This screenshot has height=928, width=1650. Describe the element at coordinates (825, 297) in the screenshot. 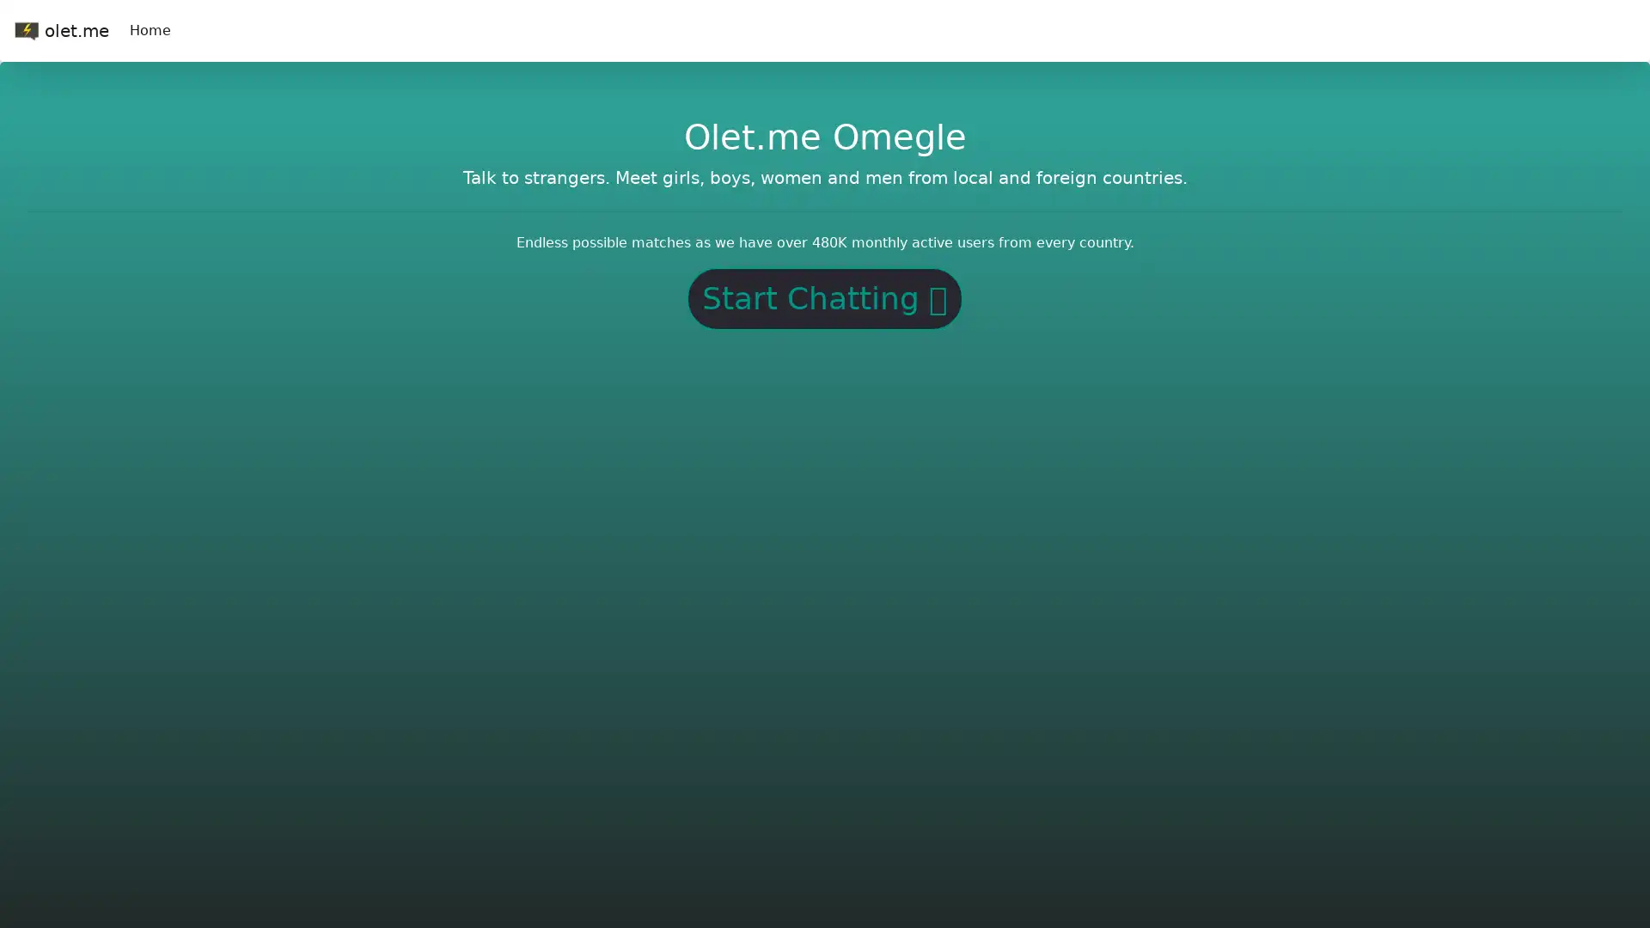

I see `Start Chatting` at that location.